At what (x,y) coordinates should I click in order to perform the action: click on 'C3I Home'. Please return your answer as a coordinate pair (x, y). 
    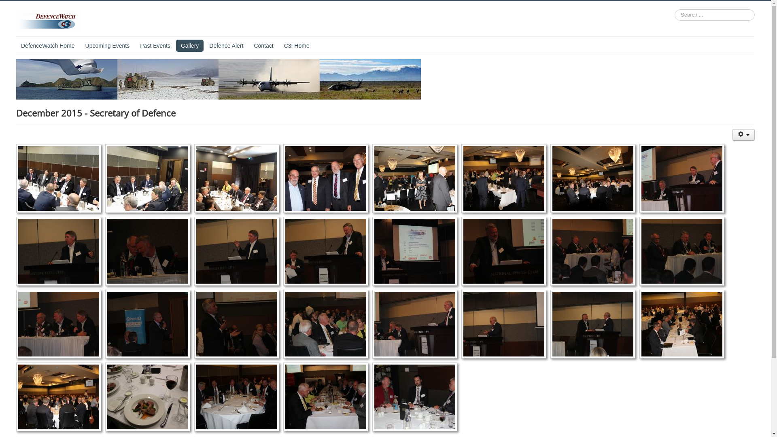
    Looking at the image, I should click on (296, 45).